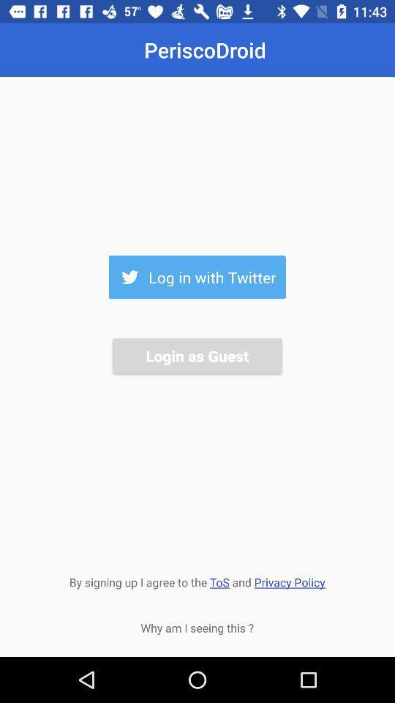 The image size is (395, 703). What do you see at coordinates (197, 354) in the screenshot?
I see `icon above the by signing up` at bounding box center [197, 354].